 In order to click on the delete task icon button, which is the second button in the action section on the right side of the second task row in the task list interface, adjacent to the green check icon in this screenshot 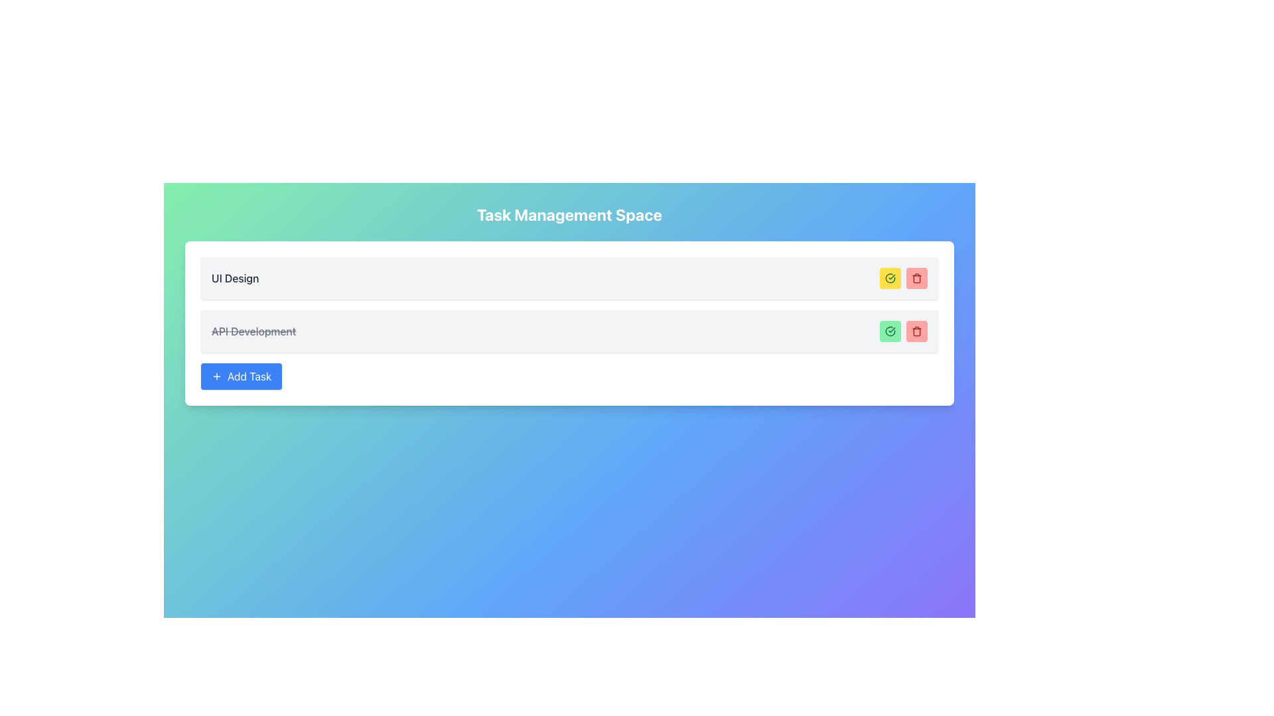, I will do `click(916, 278)`.